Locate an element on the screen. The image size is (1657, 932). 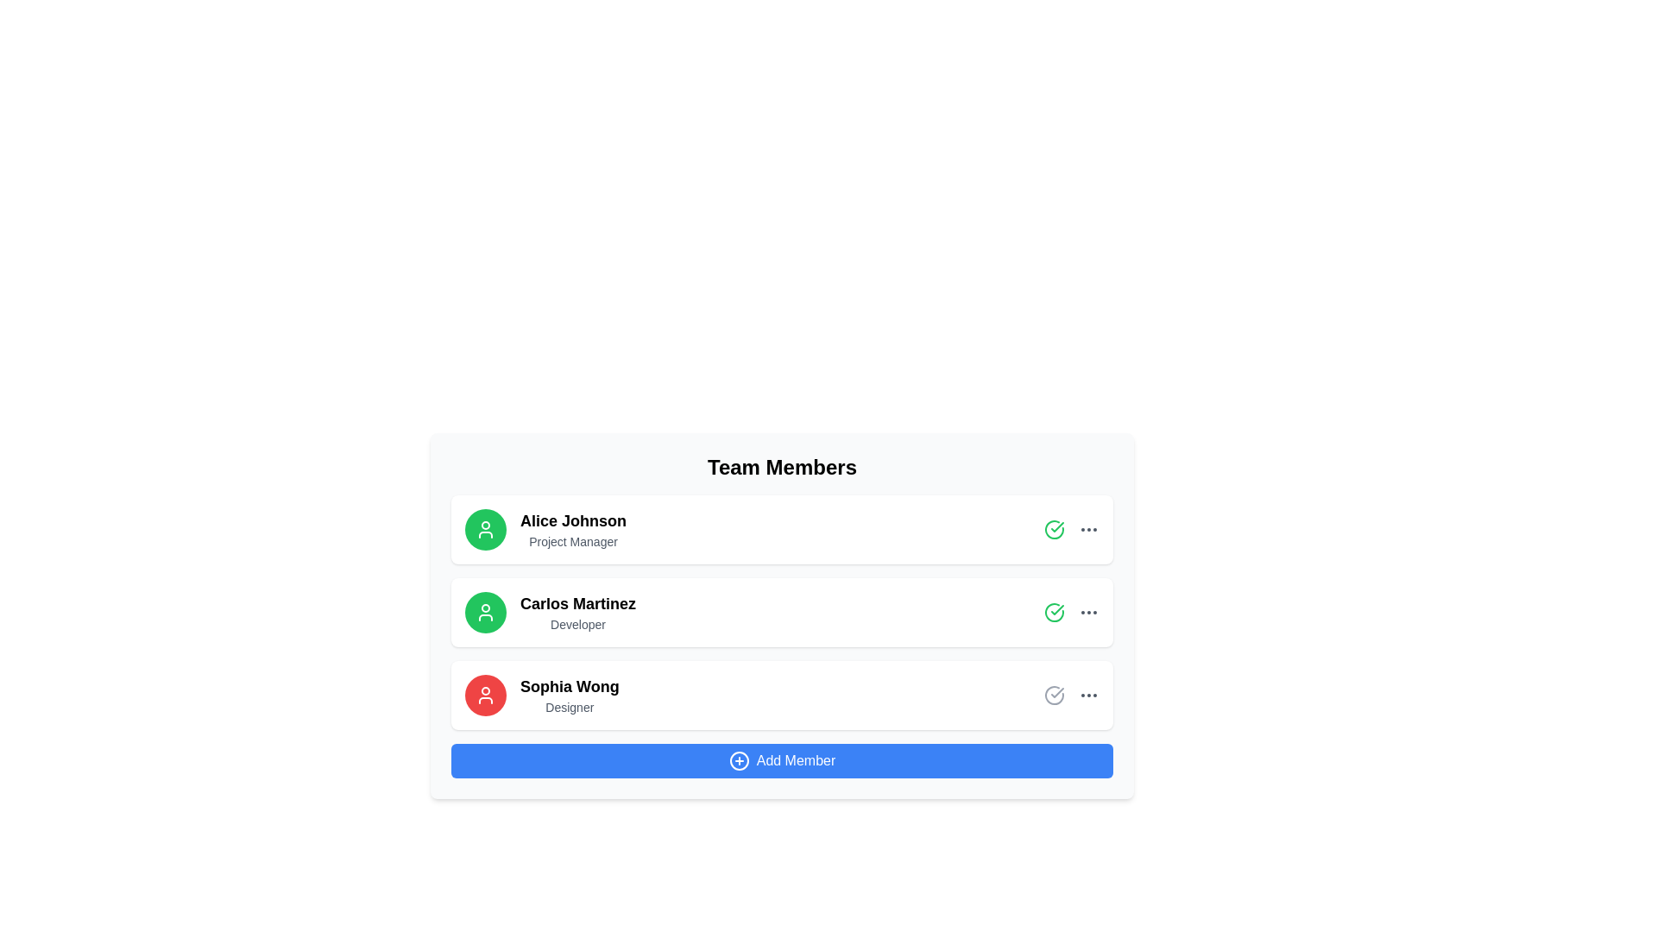
the Composite component containing the green check mark icon and the gray ellipsis button, located on the right edge of Alice Johnson's card in the Team Members section is located at coordinates (1071, 528).